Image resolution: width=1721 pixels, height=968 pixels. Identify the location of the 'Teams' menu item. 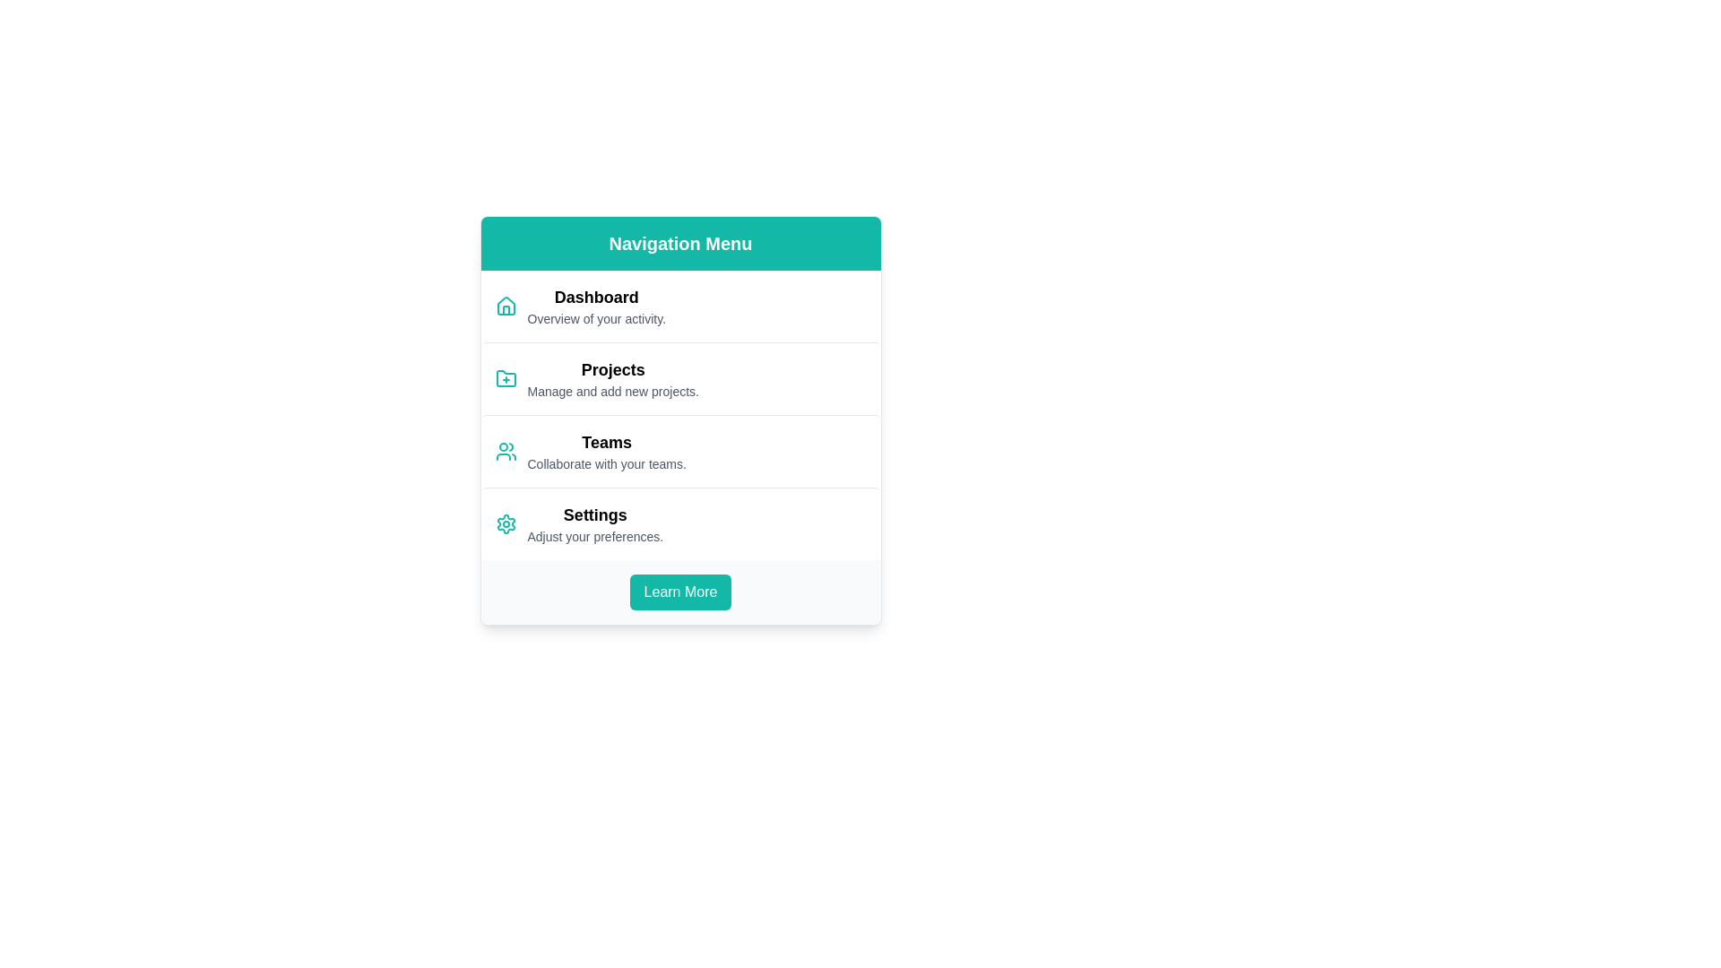
(679, 420).